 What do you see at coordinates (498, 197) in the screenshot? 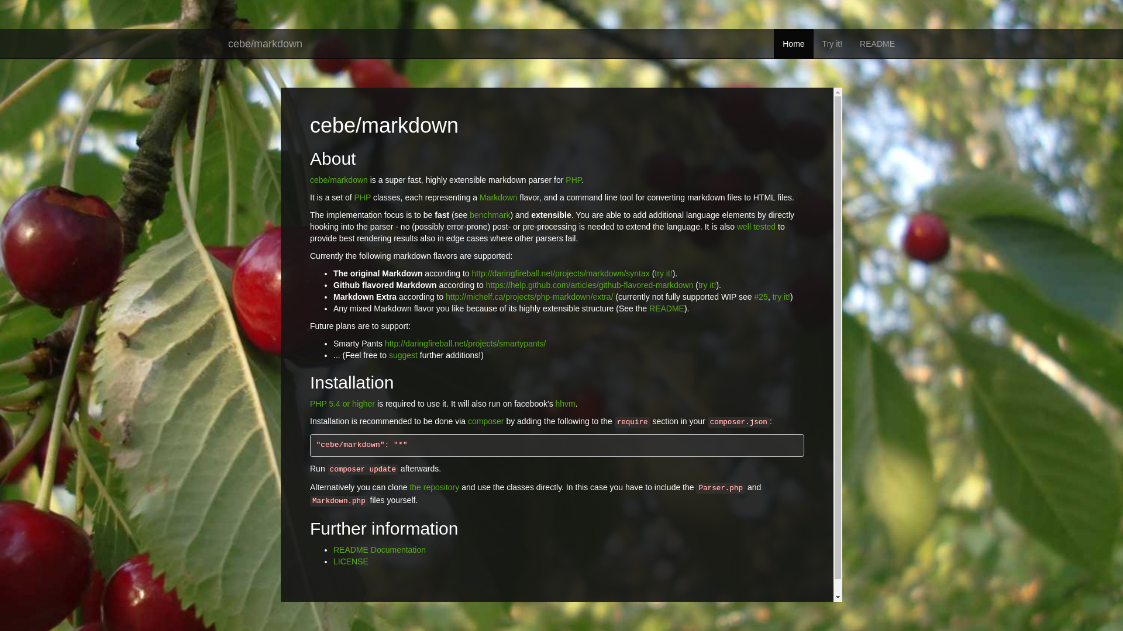
I see `'Markdown'` at bounding box center [498, 197].